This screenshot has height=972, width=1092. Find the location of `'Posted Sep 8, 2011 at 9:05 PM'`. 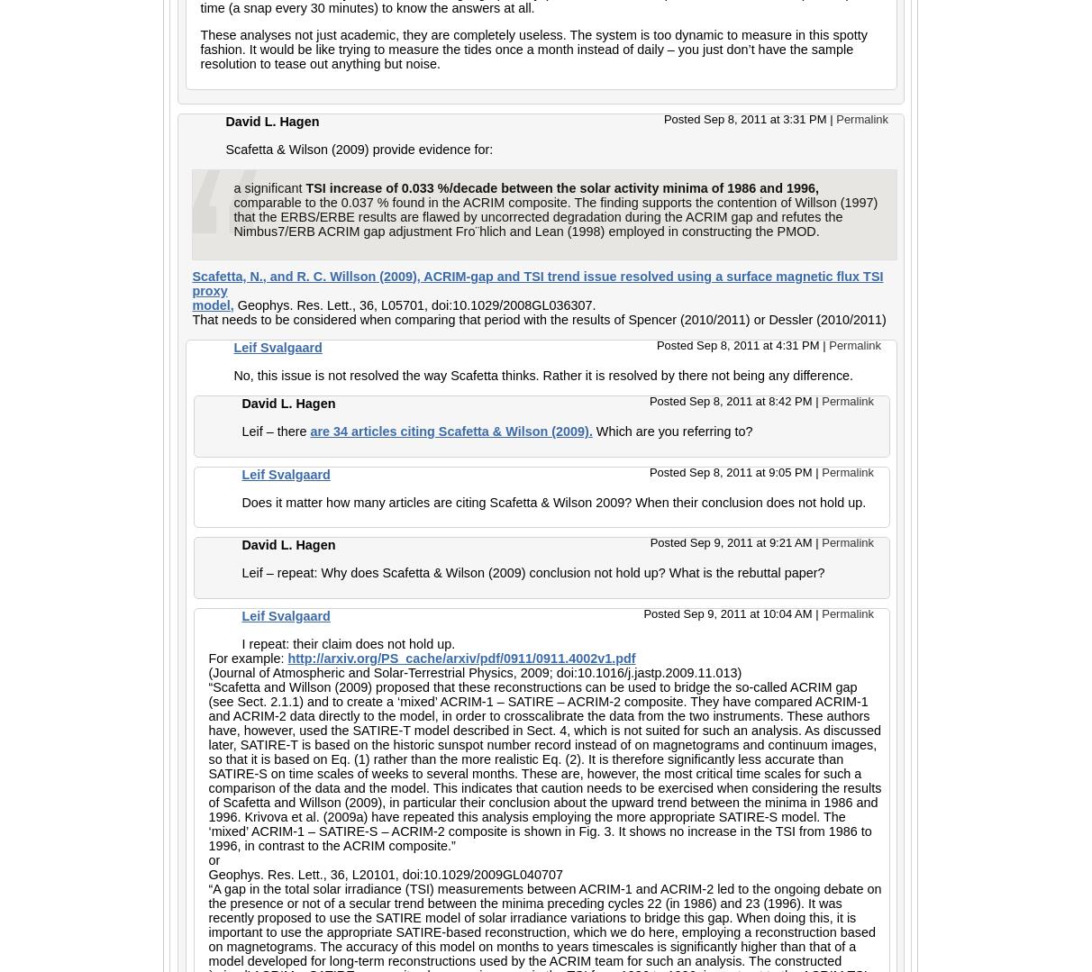

'Posted Sep 8, 2011 at 9:05 PM' is located at coordinates (731, 471).